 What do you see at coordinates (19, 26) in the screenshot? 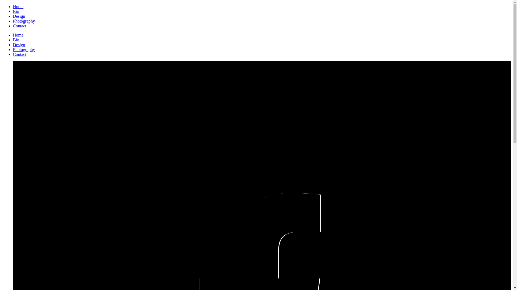
I see `'Contact'` at bounding box center [19, 26].